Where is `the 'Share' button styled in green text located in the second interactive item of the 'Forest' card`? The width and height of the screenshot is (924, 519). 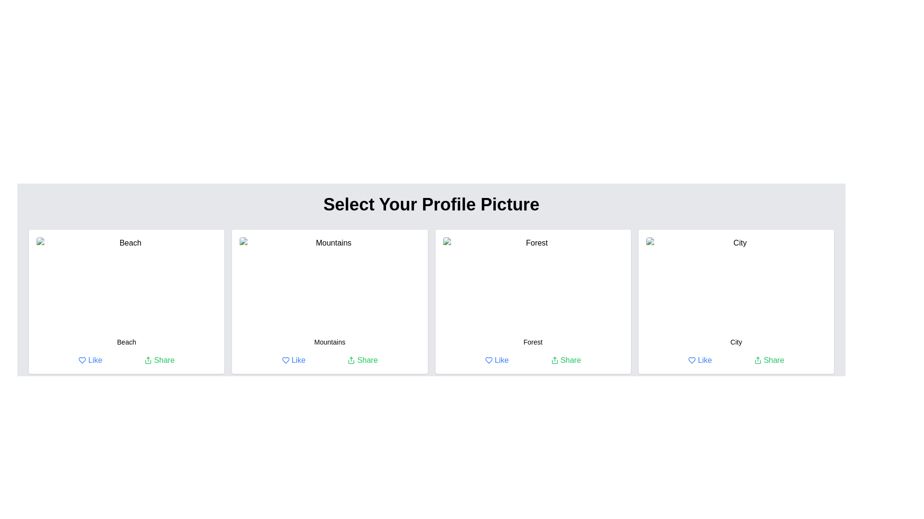 the 'Share' button styled in green text located in the second interactive item of the 'Forest' card is located at coordinates (566, 360).